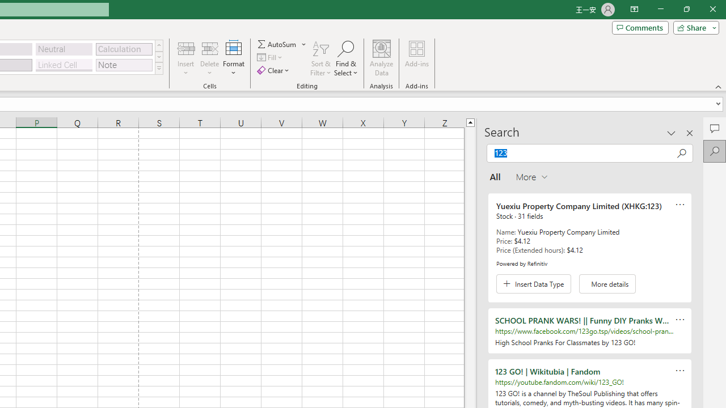 Image resolution: width=726 pixels, height=408 pixels. What do you see at coordinates (124, 48) in the screenshot?
I see `'Calculation'` at bounding box center [124, 48].